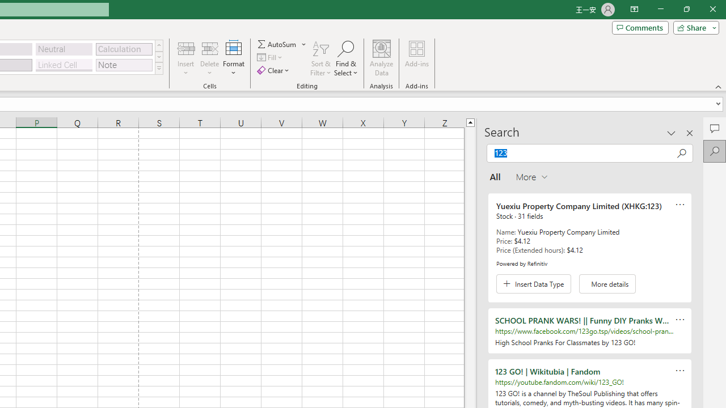 Image resolution: width=726 pixels, height=408 pixels. What do you see at coordinates (124, 48) in the screenshot?
I see `'Calculation'` at bounding box center [124, 48].